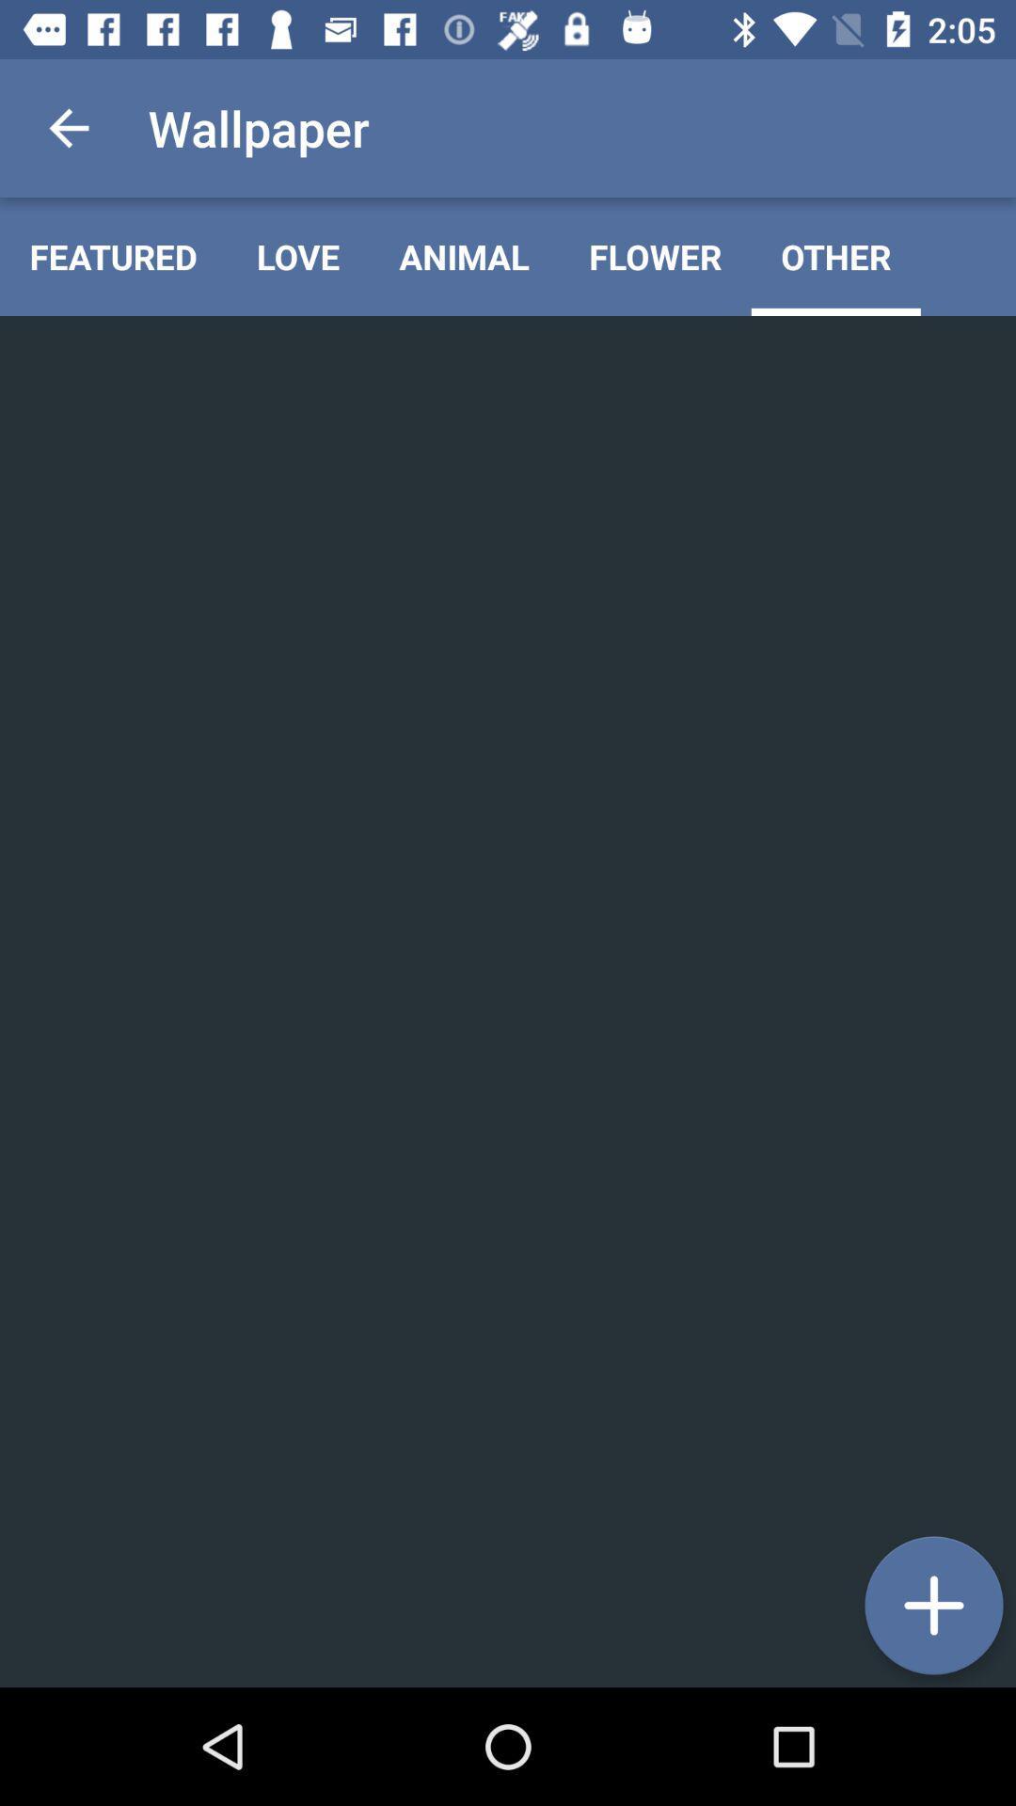 This screenshot has width=1016, height=1806. I want to click on icon to the left of the other icon, so click(654, 256).